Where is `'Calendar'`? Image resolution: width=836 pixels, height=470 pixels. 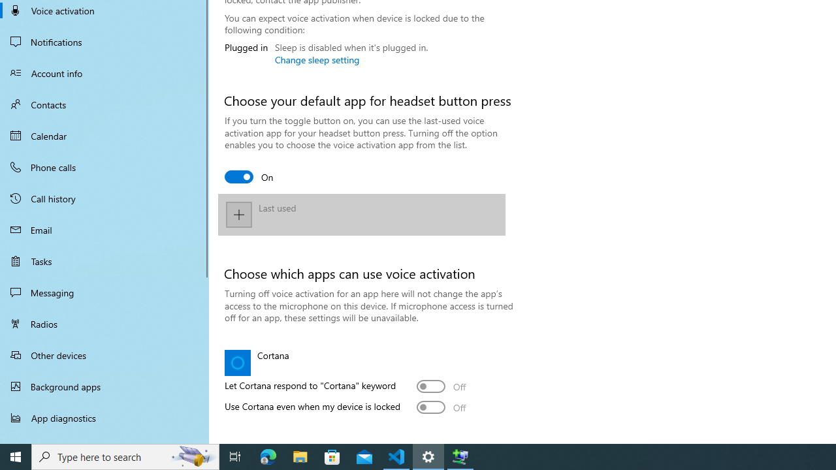 'Calendar' is located at coordinates (104, 136).